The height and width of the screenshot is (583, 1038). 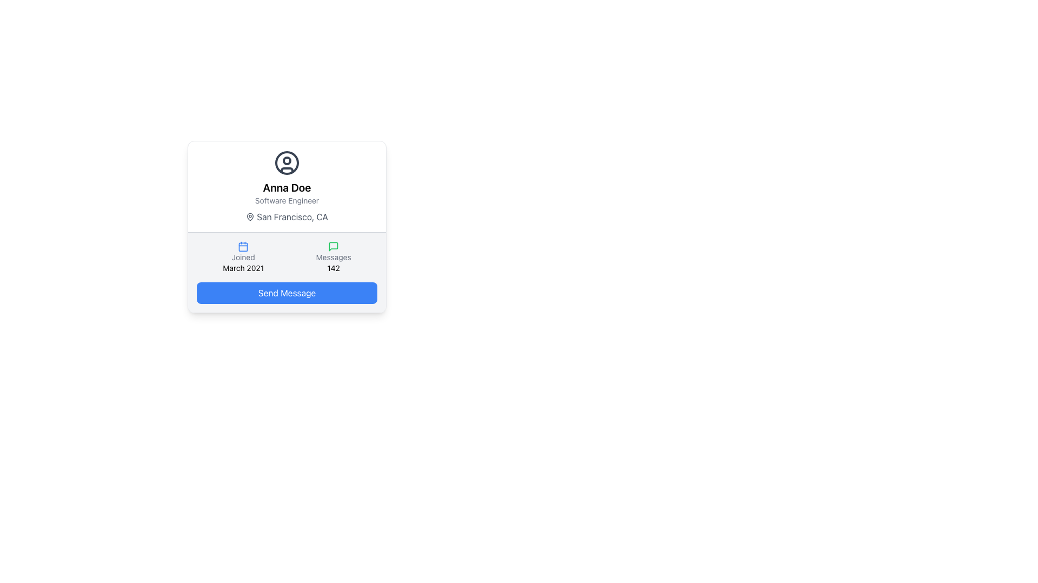 I want to click on the username or icon in the Profile Summary Component, which is located at the top section of a white card displaying user's basic profile information, so click(x=287, y=186).